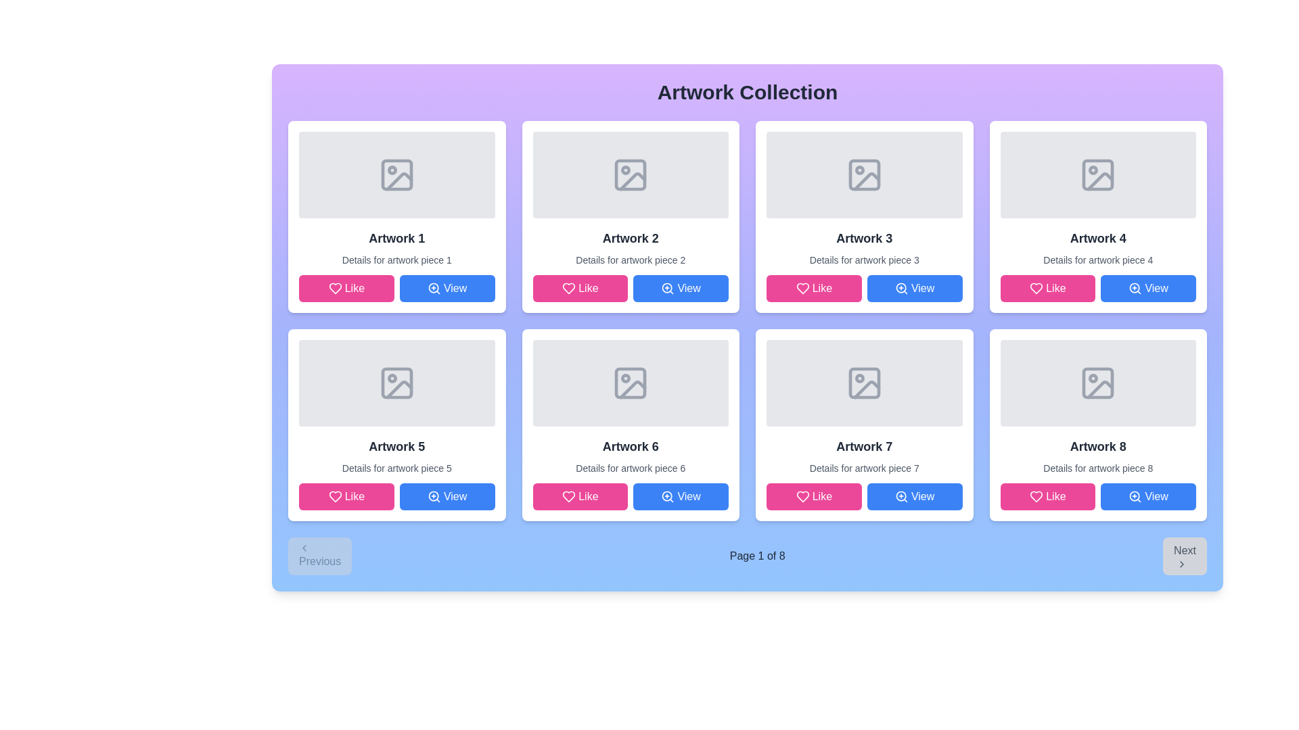 The image size is (1299, 730). I want to click on the heart-shaped 'like' icon located in the sixth card under 'Details for artwork piece 6', so click(569, 497).